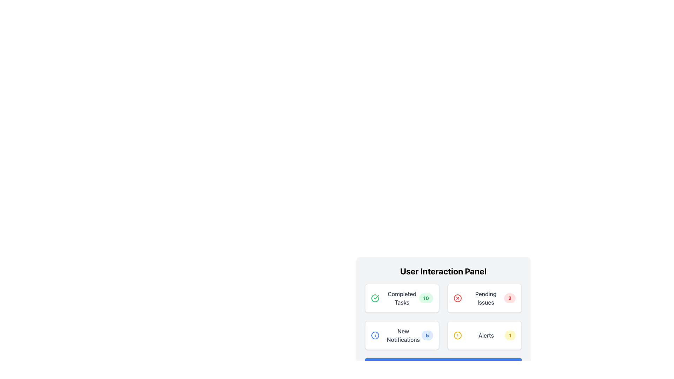 This screenshot has width=674, height=379. Describe the element at coordinates (375, 298) in the screenshot. I see `the green checkmark icon in the 'Completed Tasks' section, which indicates the completion status of tasks` at that location.